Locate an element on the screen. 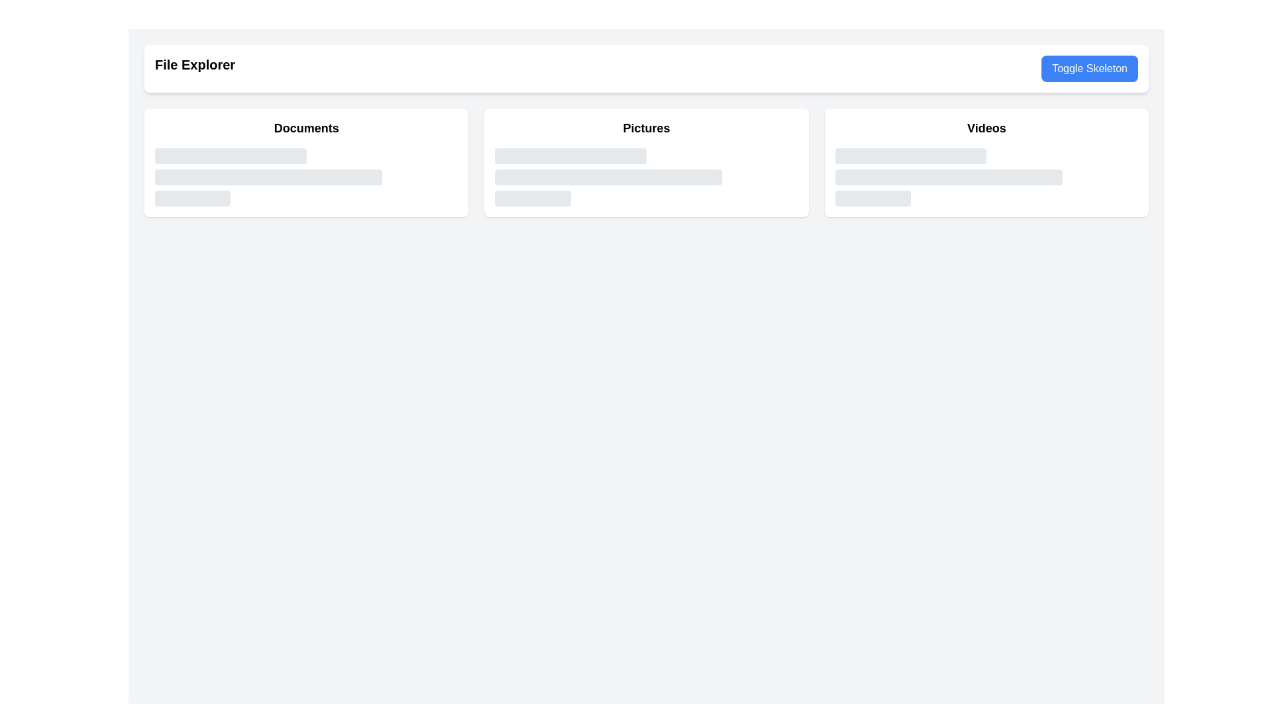  the third Skeleton loader rectangle in the 'Pictures' section, which is located between 'Documents' and 'Videos' is located at coordinates (533, 199).